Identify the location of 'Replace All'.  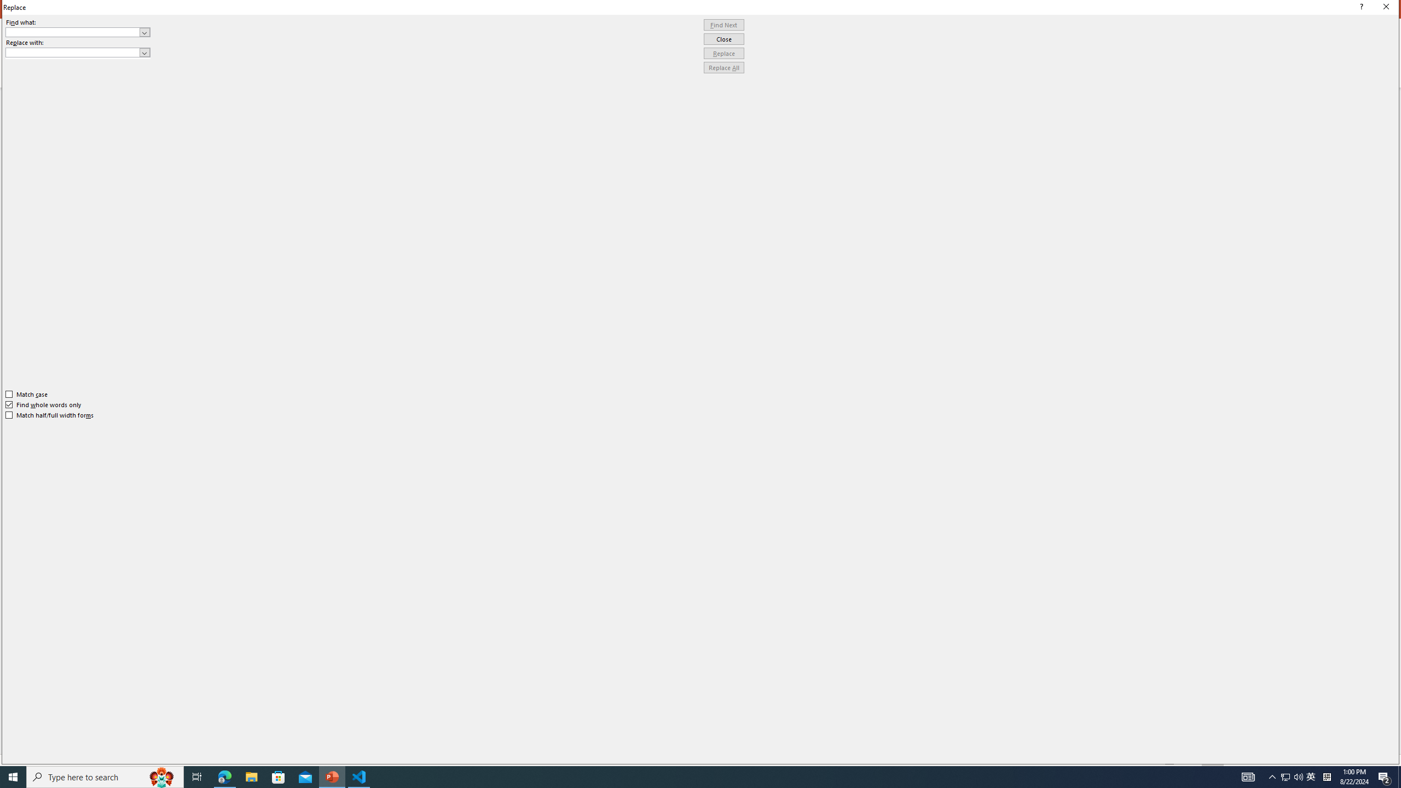
(723, 67).